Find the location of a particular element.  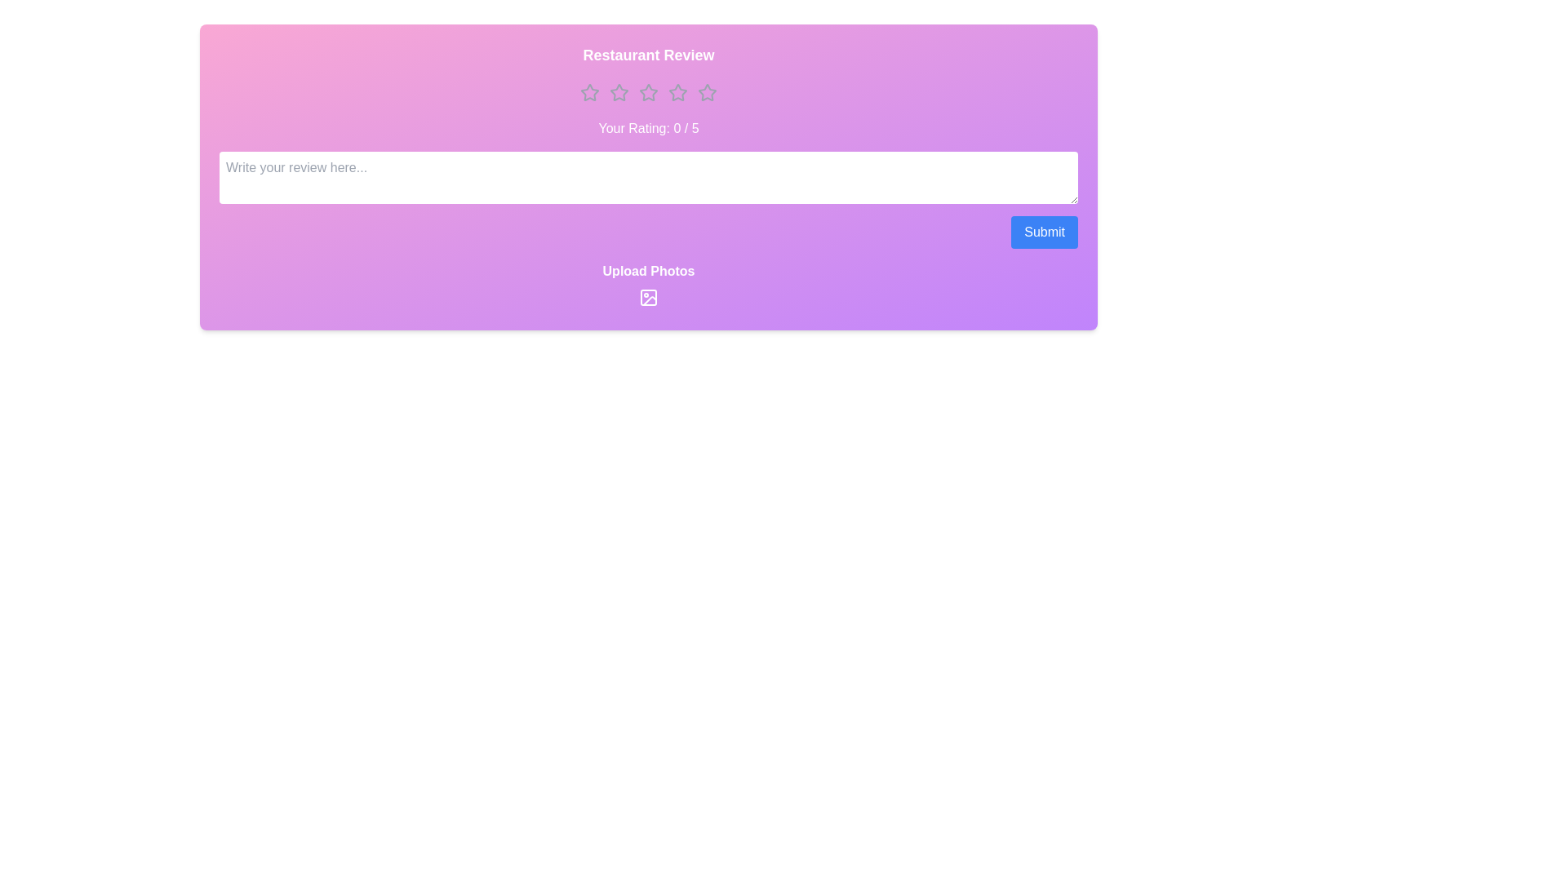

the rating to 3 stars by clicking on the respective star is located at coordinates (648, 93).